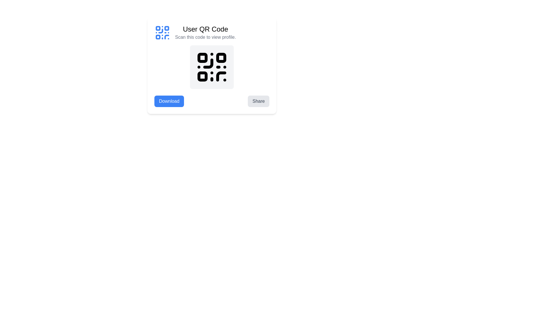 This screenshot has width=552, height=310. Describe the element at coordinates (166, 28) in the screenshot. I see `the second square from the left in the top row of the 3x3 grid inside the QR code graphic, which is a decorative component of the overall design` at that location.